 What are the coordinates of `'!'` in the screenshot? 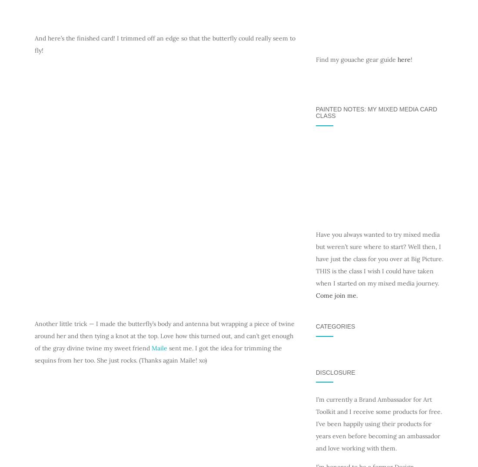 It's located at (411, 58).